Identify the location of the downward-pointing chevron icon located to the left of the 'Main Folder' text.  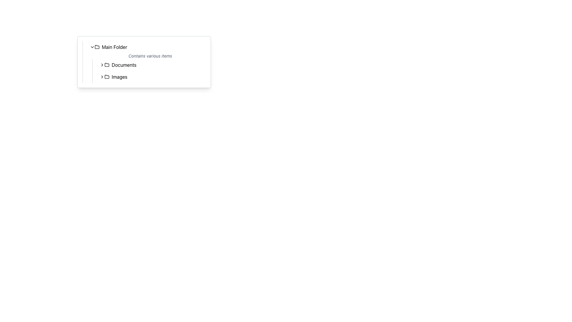
(92, 47).